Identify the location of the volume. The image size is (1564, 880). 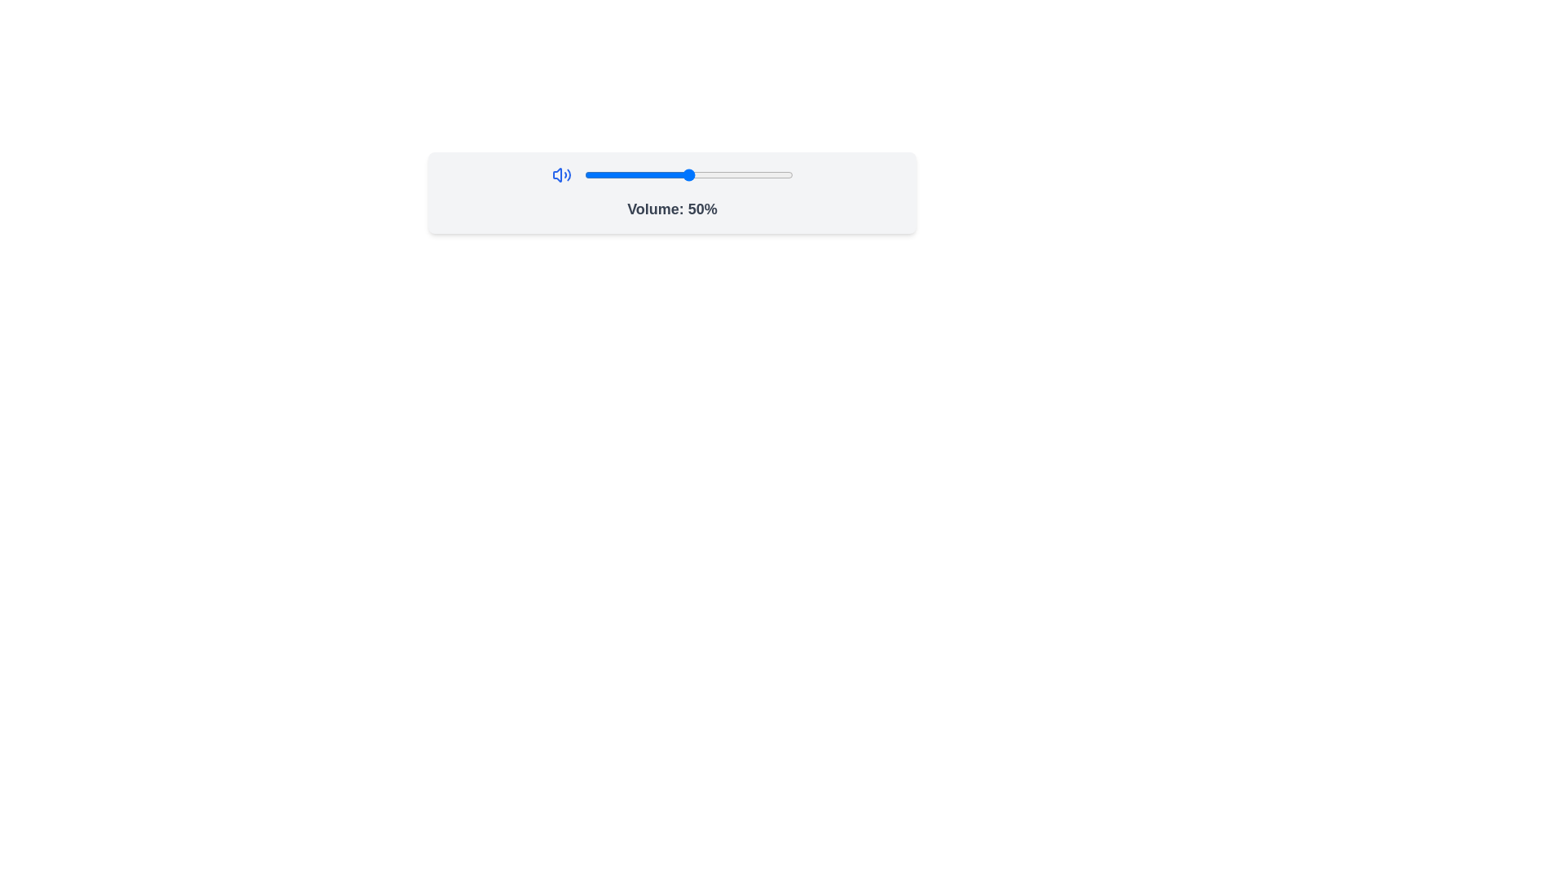
(666, 175).